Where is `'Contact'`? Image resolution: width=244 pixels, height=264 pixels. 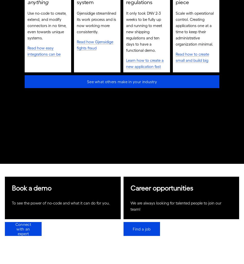 'Contact' is located at coordinates (41, 11).